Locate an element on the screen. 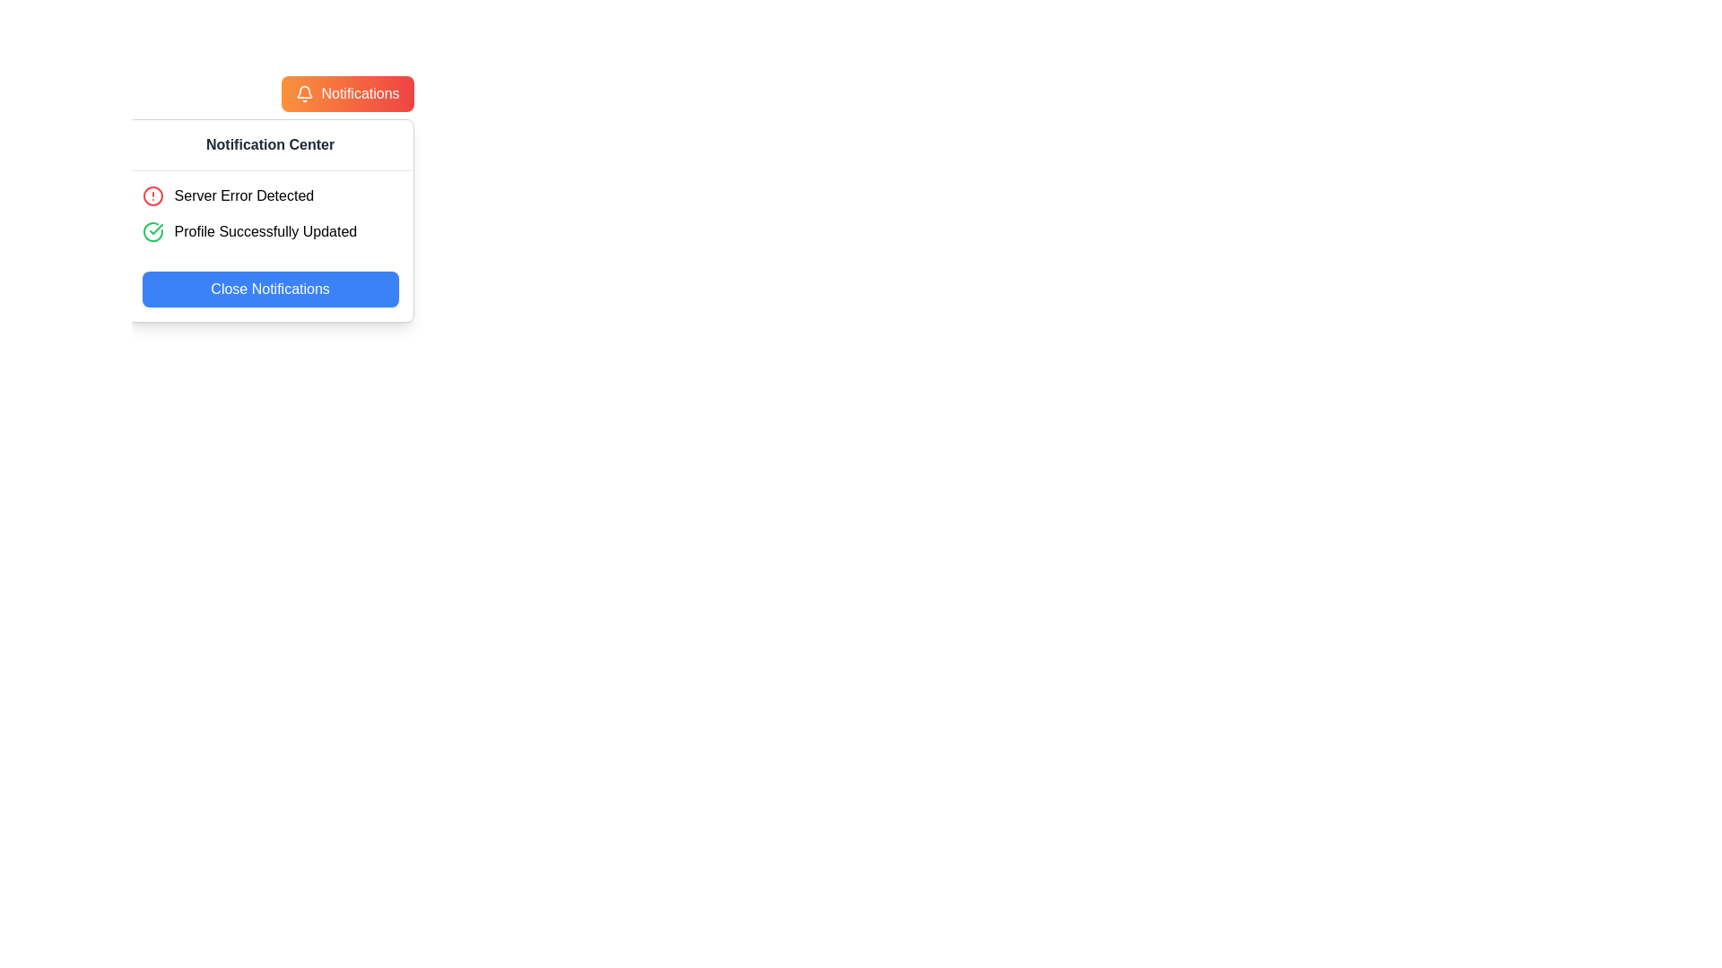 The height and width of the screenshot is (968, 1722). the notification icon located on the left side of the 'Notifications' button at the top-right corner of the notification panel is located at coordinates (305, 93).